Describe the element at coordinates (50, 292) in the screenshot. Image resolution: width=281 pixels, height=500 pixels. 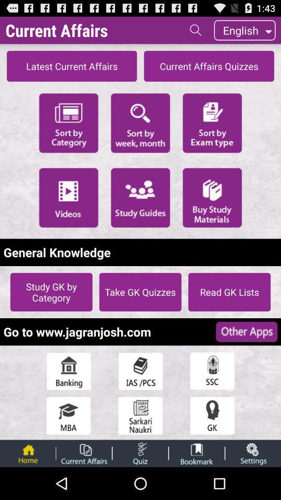
I see `the icon above go to www app` at that location.